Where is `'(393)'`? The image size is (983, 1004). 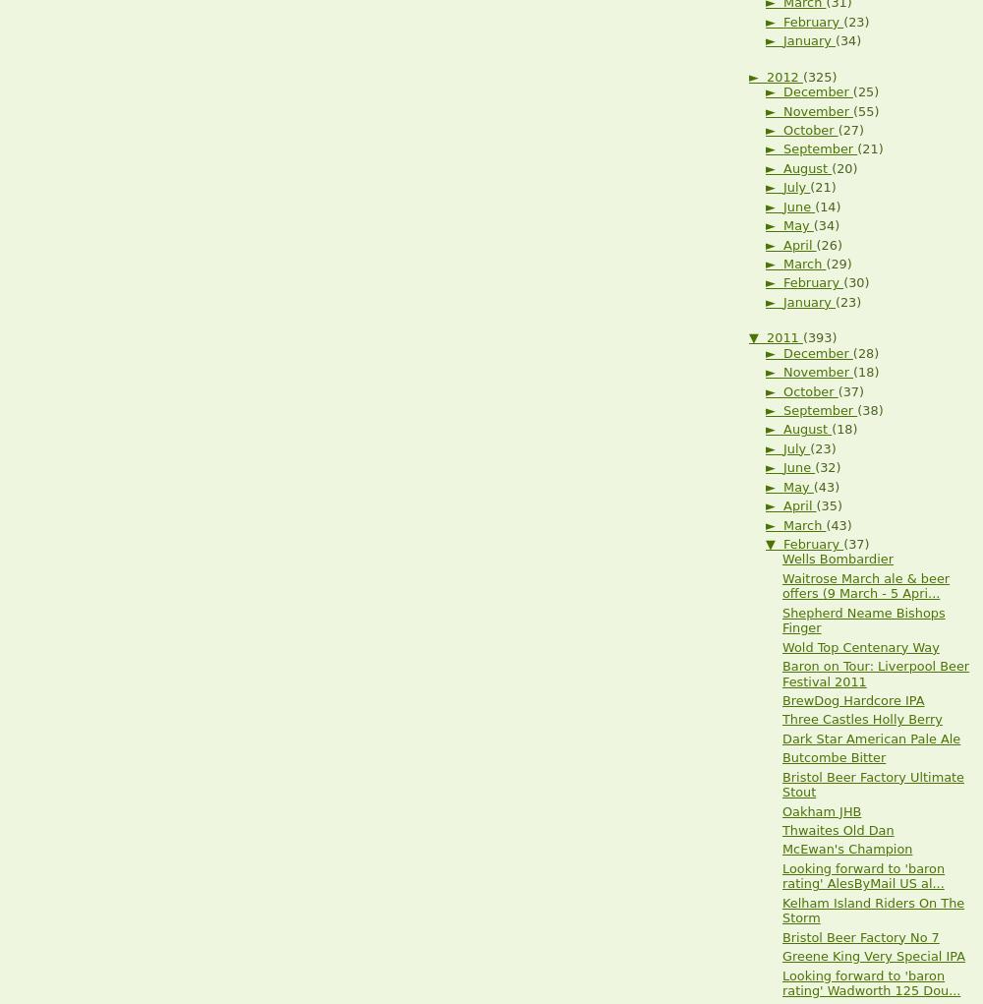 '(393)' is located at coordinates (818, 336).